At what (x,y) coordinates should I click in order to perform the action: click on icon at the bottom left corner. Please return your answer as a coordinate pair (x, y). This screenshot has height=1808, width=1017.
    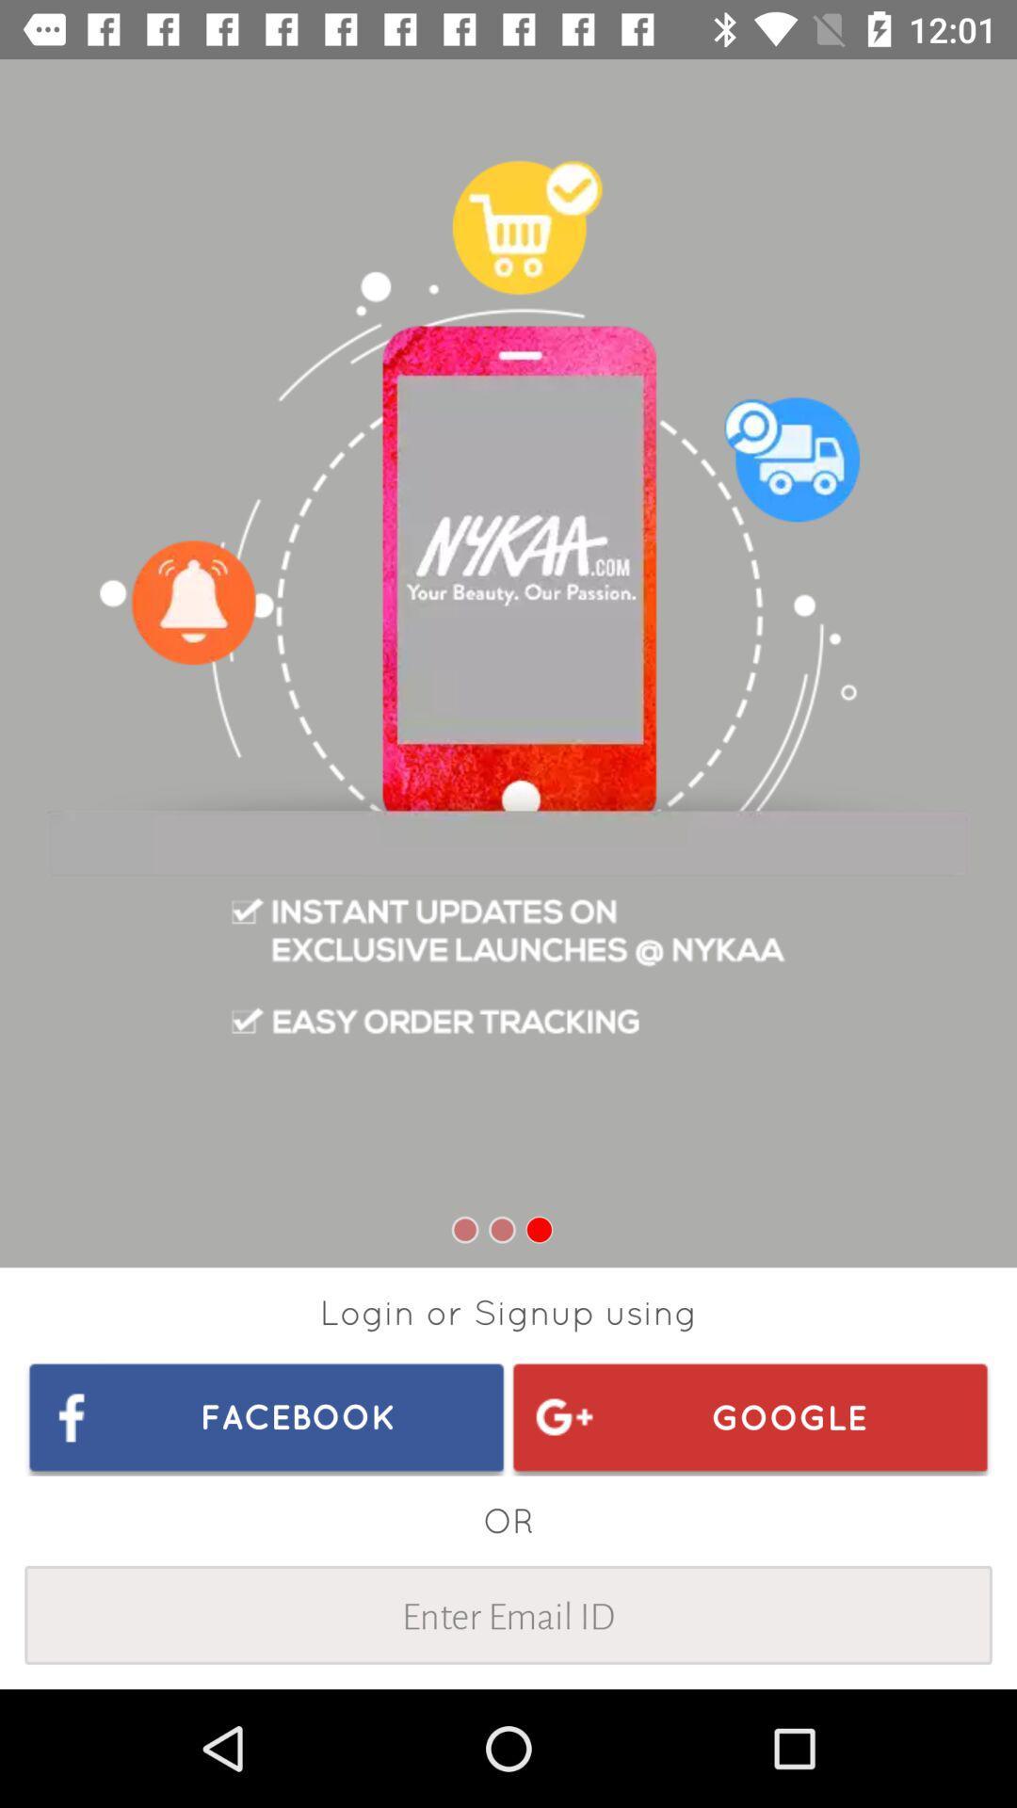
    Looking at the image, I should click on (266, 1416).